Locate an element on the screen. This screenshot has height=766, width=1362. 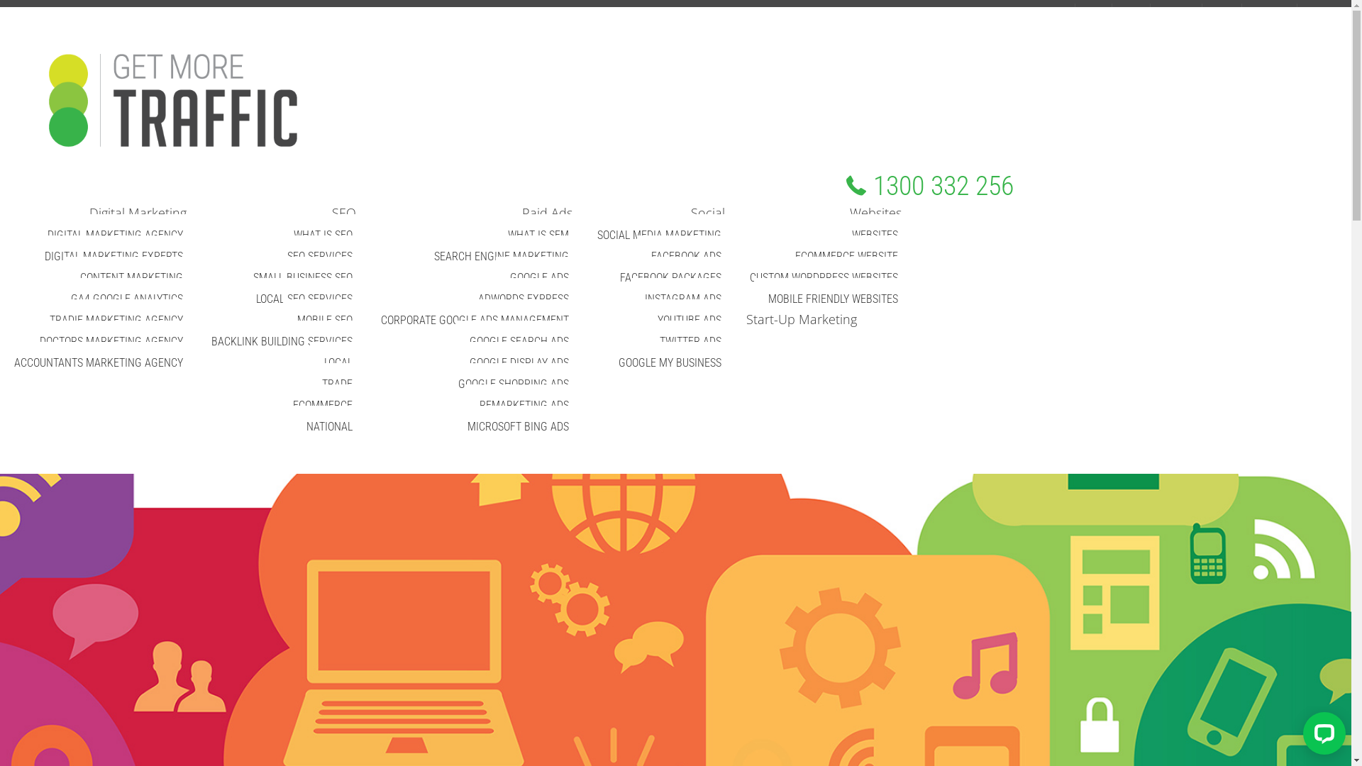
'TRADE' is located at coordinates (336, 384).